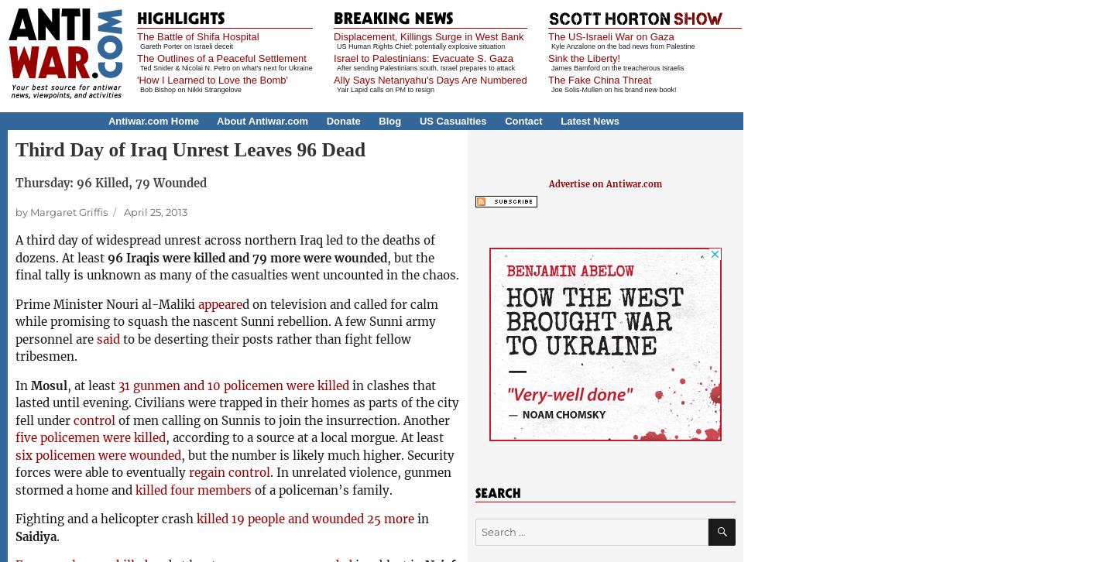 This screenshot has height=562, width=1115. Describe the element at coordinates (337, 67) in the screenshot. I see `'After sending Palestinians south, Israel prepares to attack'` at that location.